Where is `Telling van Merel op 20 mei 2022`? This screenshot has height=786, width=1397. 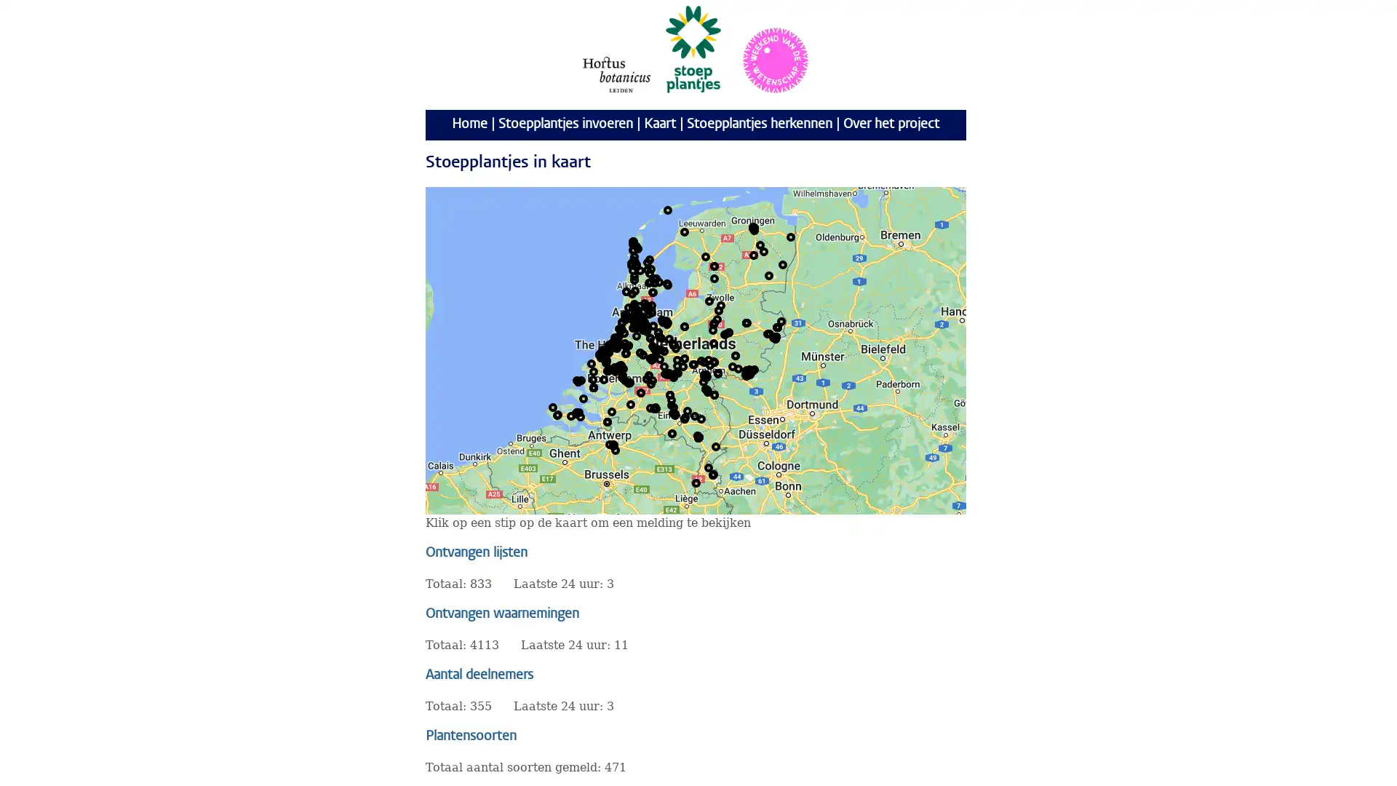
Telling van Merel op 20 mei 2022 is located at coordinates (617, 342).